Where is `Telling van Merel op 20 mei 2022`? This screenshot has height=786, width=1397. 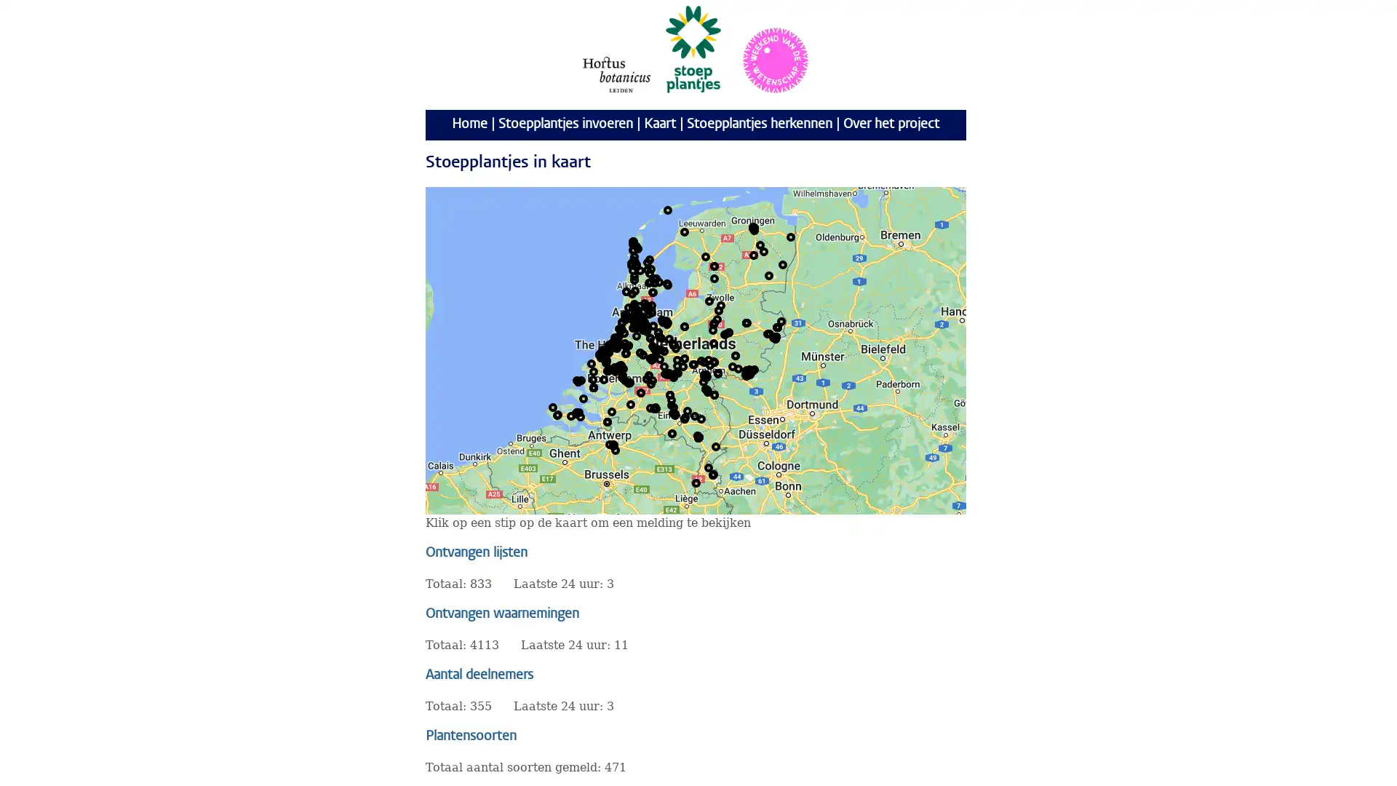
Telling van Merel op 20 mei 2022 is located at coordinates (617, 342).